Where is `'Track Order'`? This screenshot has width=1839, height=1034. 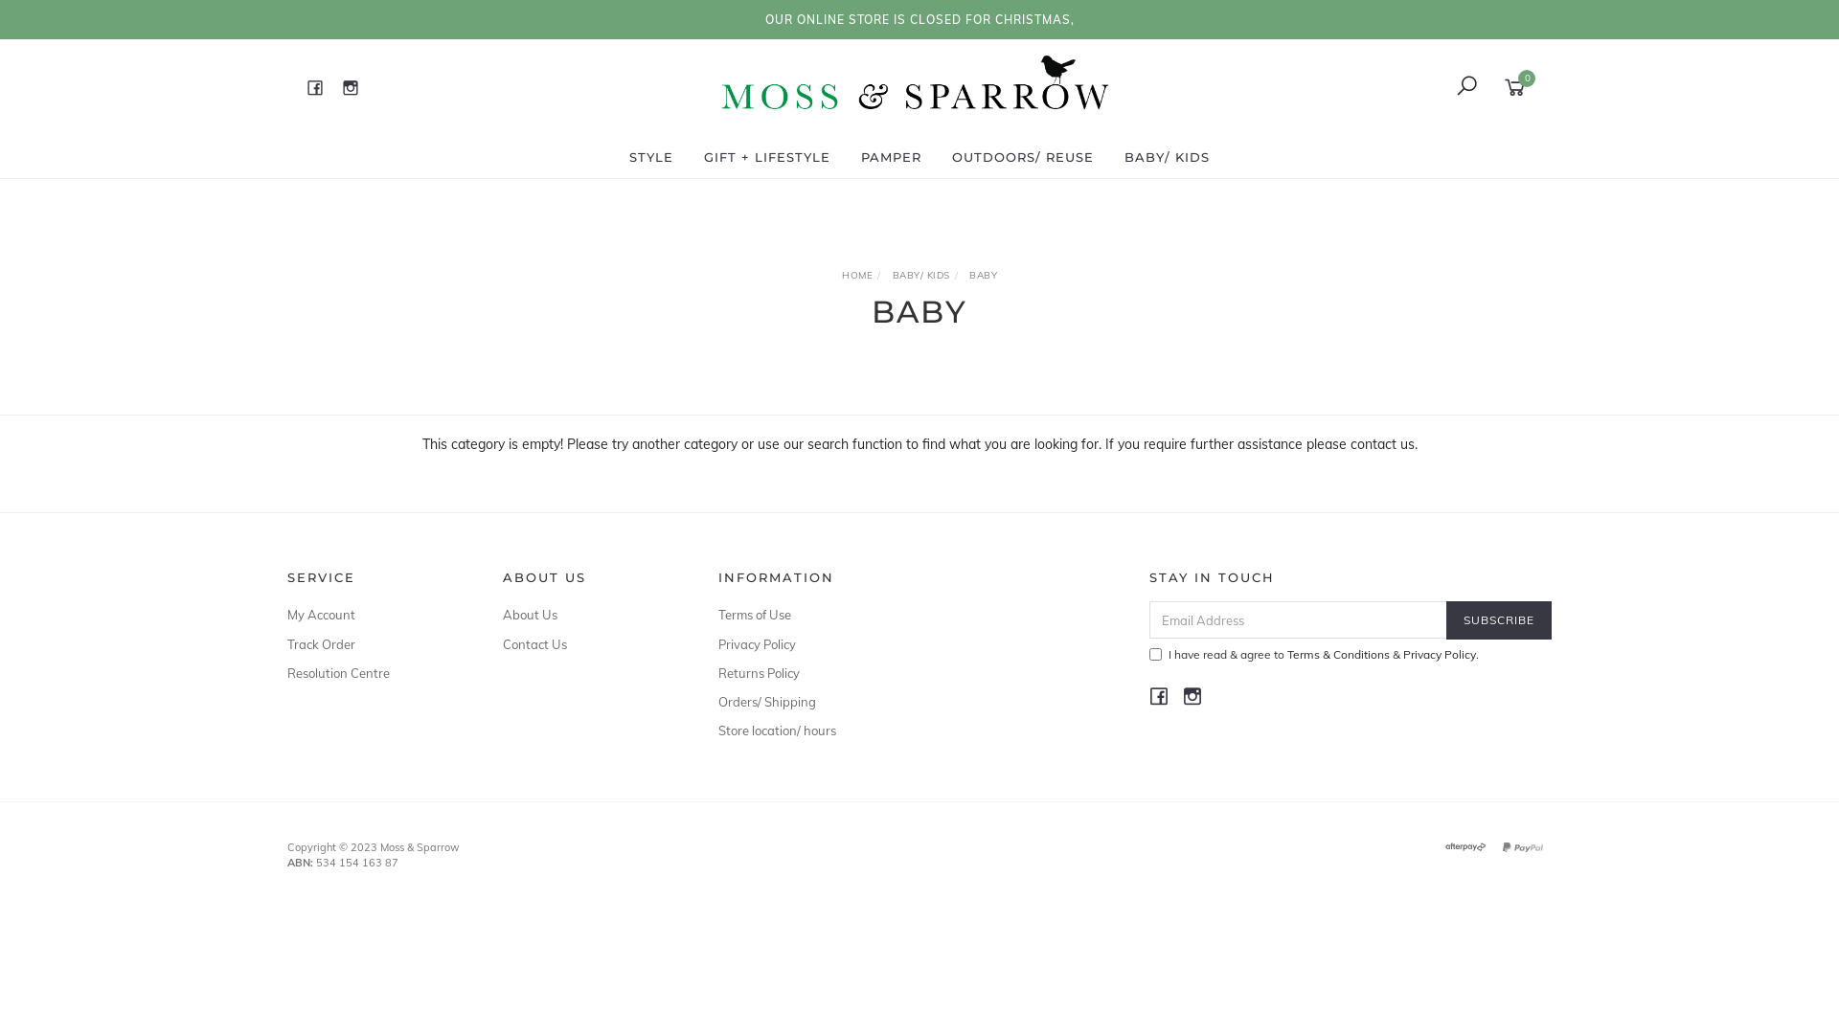 'Track Order' is located at coordinates (373, 643).